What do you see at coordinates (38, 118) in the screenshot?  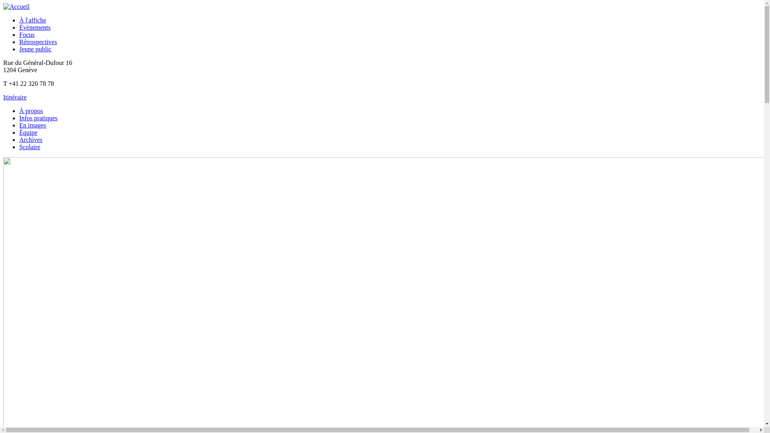 I see `'Infos pratiques'` at bounding box center [38, 118].